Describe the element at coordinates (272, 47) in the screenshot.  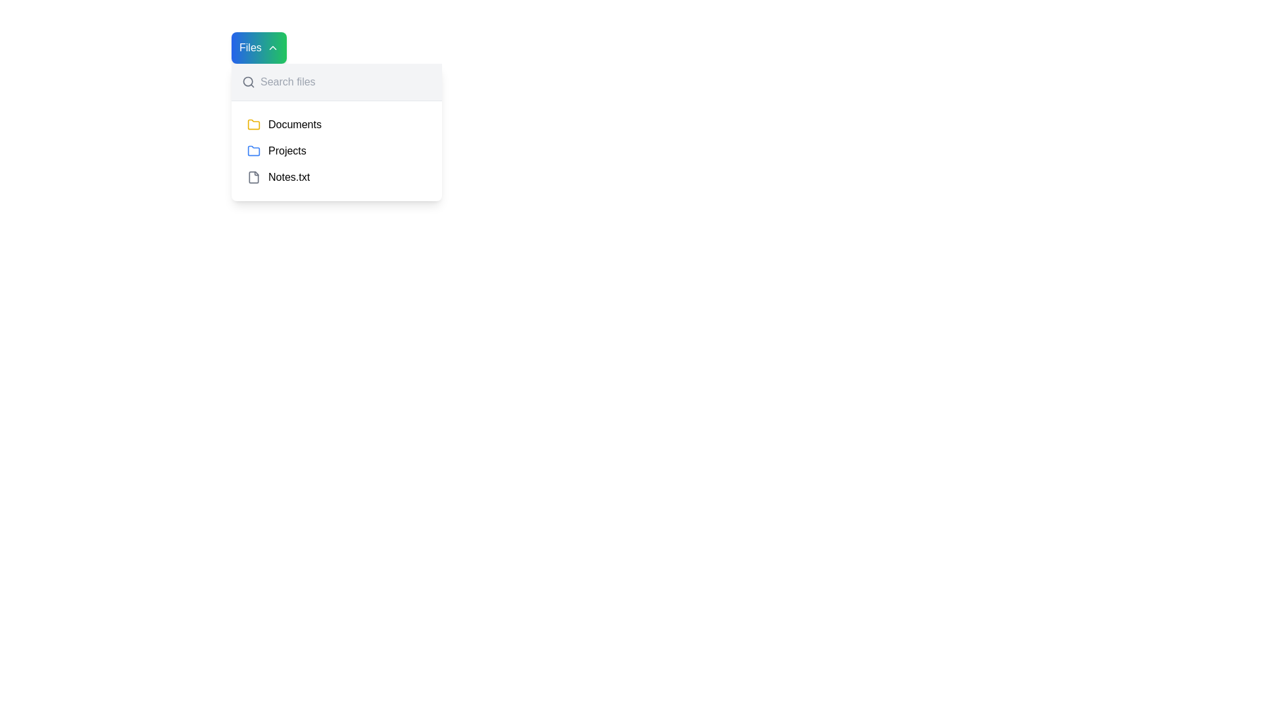
I see `the upward-facing chevron icon with a gradient-colored background that is located to the right of the 'Files' label in a button with rounded corners and shadow` at that location.